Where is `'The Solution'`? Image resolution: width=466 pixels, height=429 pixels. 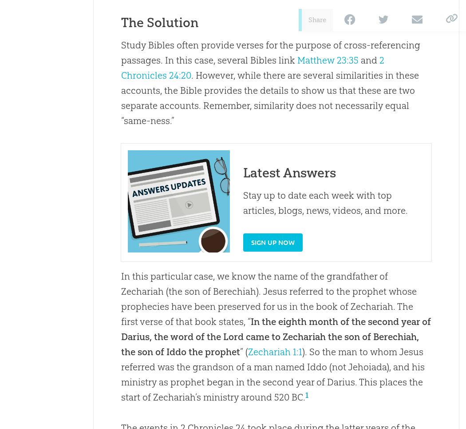
'The Solution' is located at coordinates (158, 22).